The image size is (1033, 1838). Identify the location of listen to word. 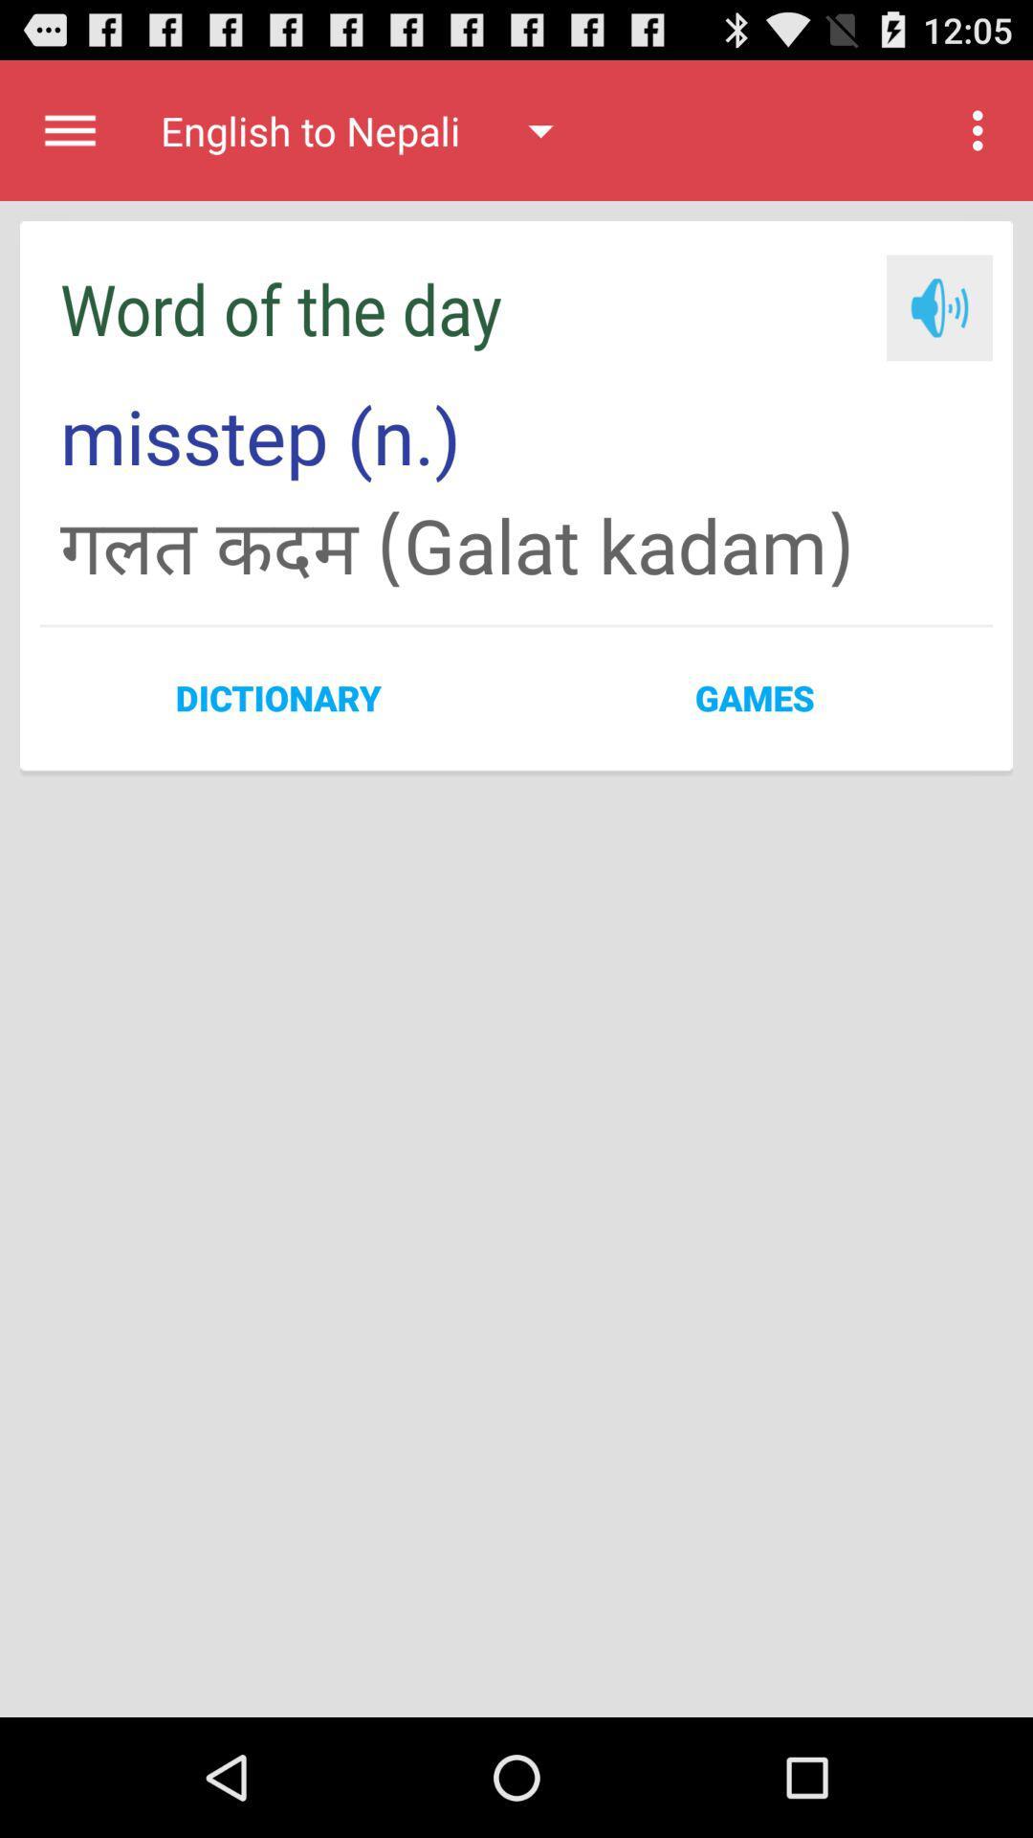
(938, 307).